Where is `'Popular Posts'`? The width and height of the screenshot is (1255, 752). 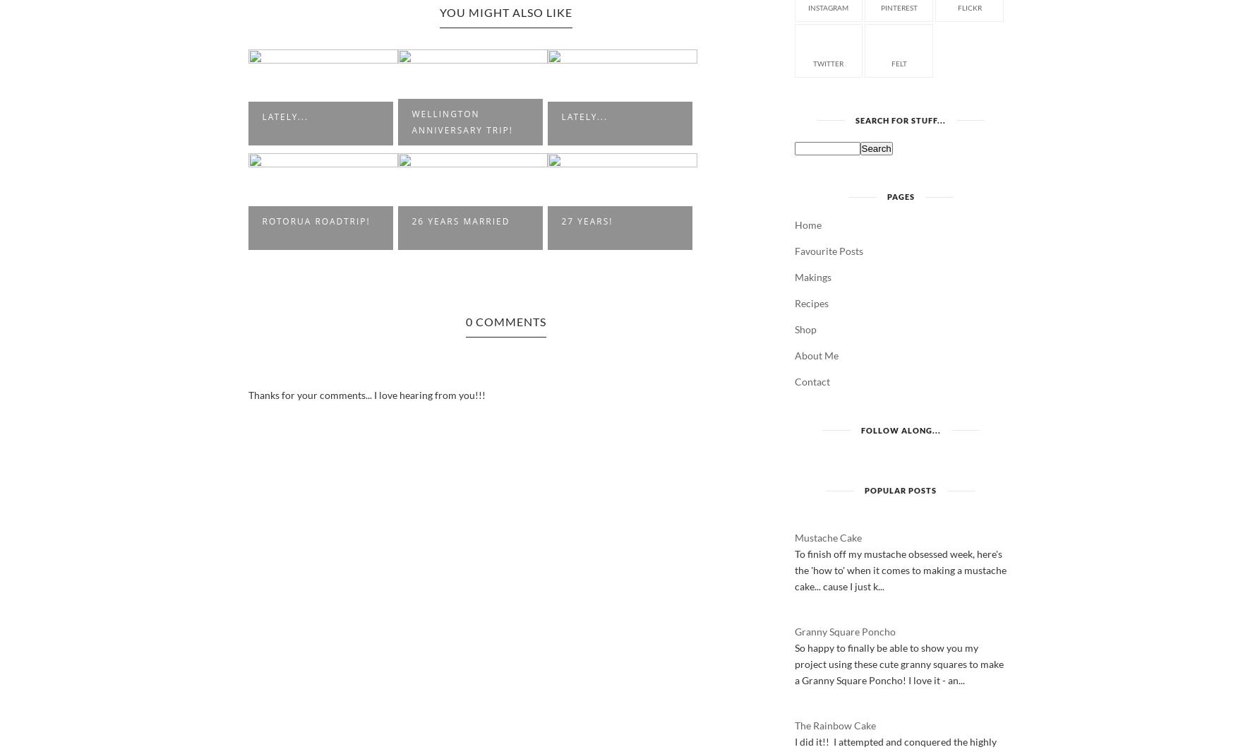
'Popular Posts' is located at coordinates (901, 489).